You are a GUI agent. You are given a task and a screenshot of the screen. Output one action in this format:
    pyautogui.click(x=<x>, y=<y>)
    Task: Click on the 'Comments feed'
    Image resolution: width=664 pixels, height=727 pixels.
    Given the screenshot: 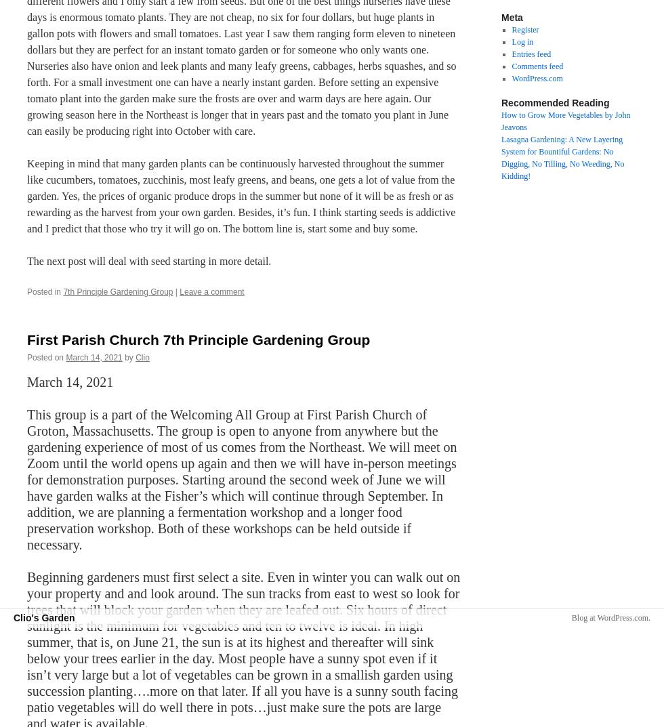 What is the action you would take?
    pyautogui.click(x=537, y=66)
    